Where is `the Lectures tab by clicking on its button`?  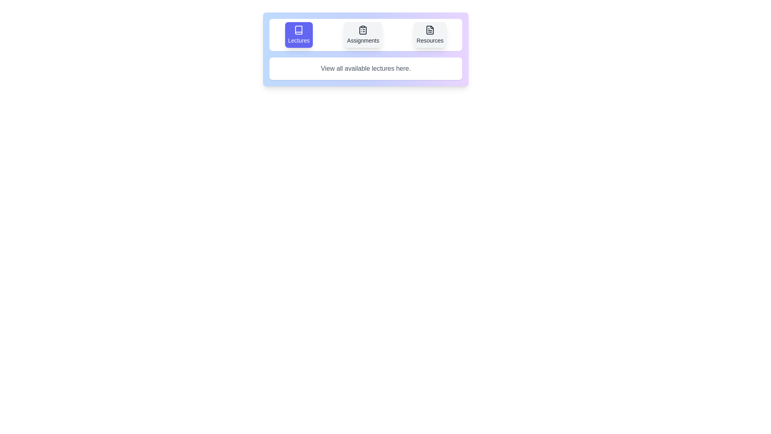
the Lectures tab by clicking on its button is located at coordinates (298, 35).